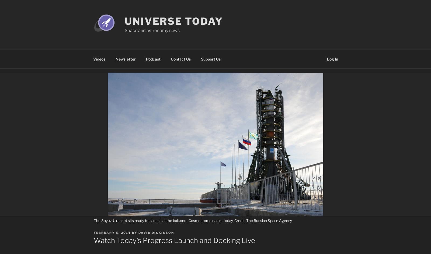 Image resolution: width=431 pixels, height=254 pixels. What do you see at coordinates (326, 58) in the screenshot?
I see `'Log in'` at bounding box center [326, 58].